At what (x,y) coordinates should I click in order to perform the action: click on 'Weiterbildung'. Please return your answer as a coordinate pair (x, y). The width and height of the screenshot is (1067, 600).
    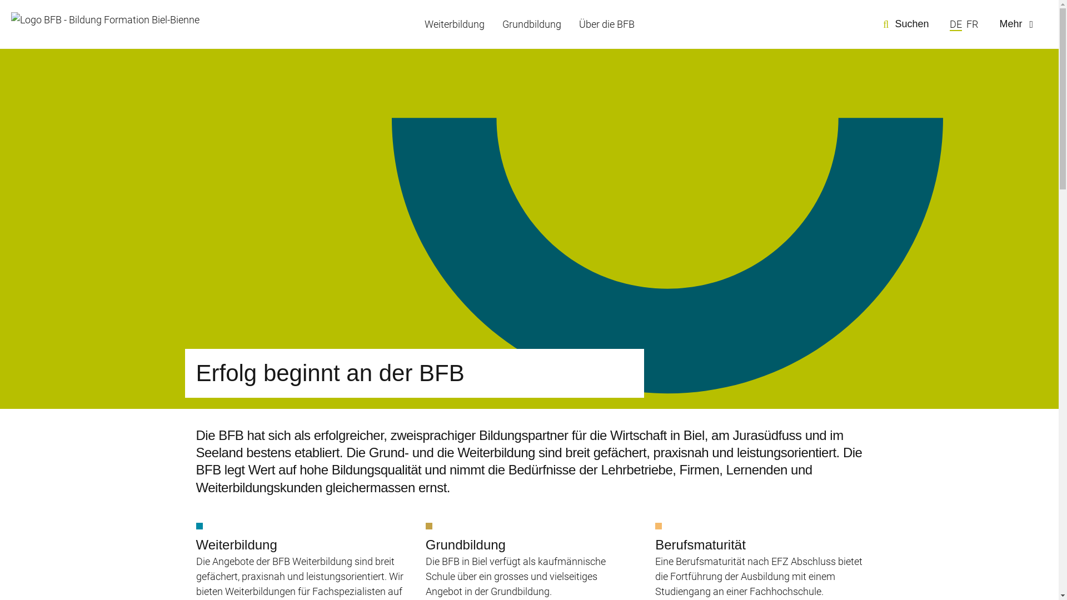
    Looking at the image, I should click on (454, 23).